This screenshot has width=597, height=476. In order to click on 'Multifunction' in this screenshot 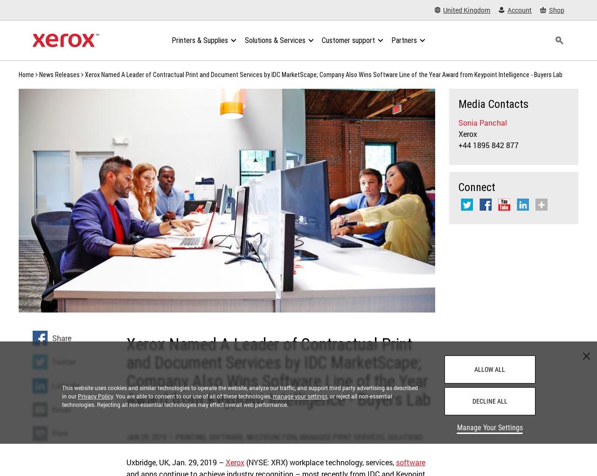, I will do `click(245, 437)`.